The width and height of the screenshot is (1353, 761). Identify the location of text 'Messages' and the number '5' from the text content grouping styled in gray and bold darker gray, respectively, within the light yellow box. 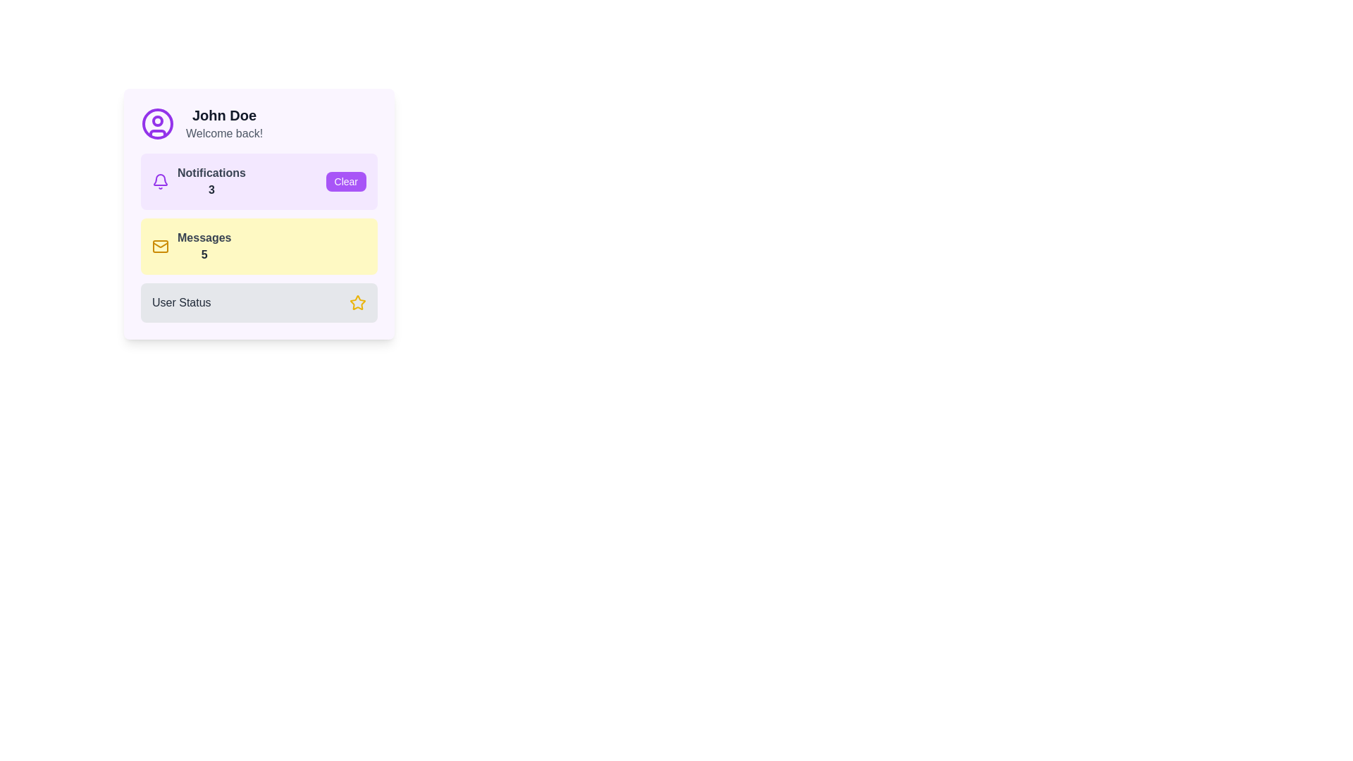
(204, 246).